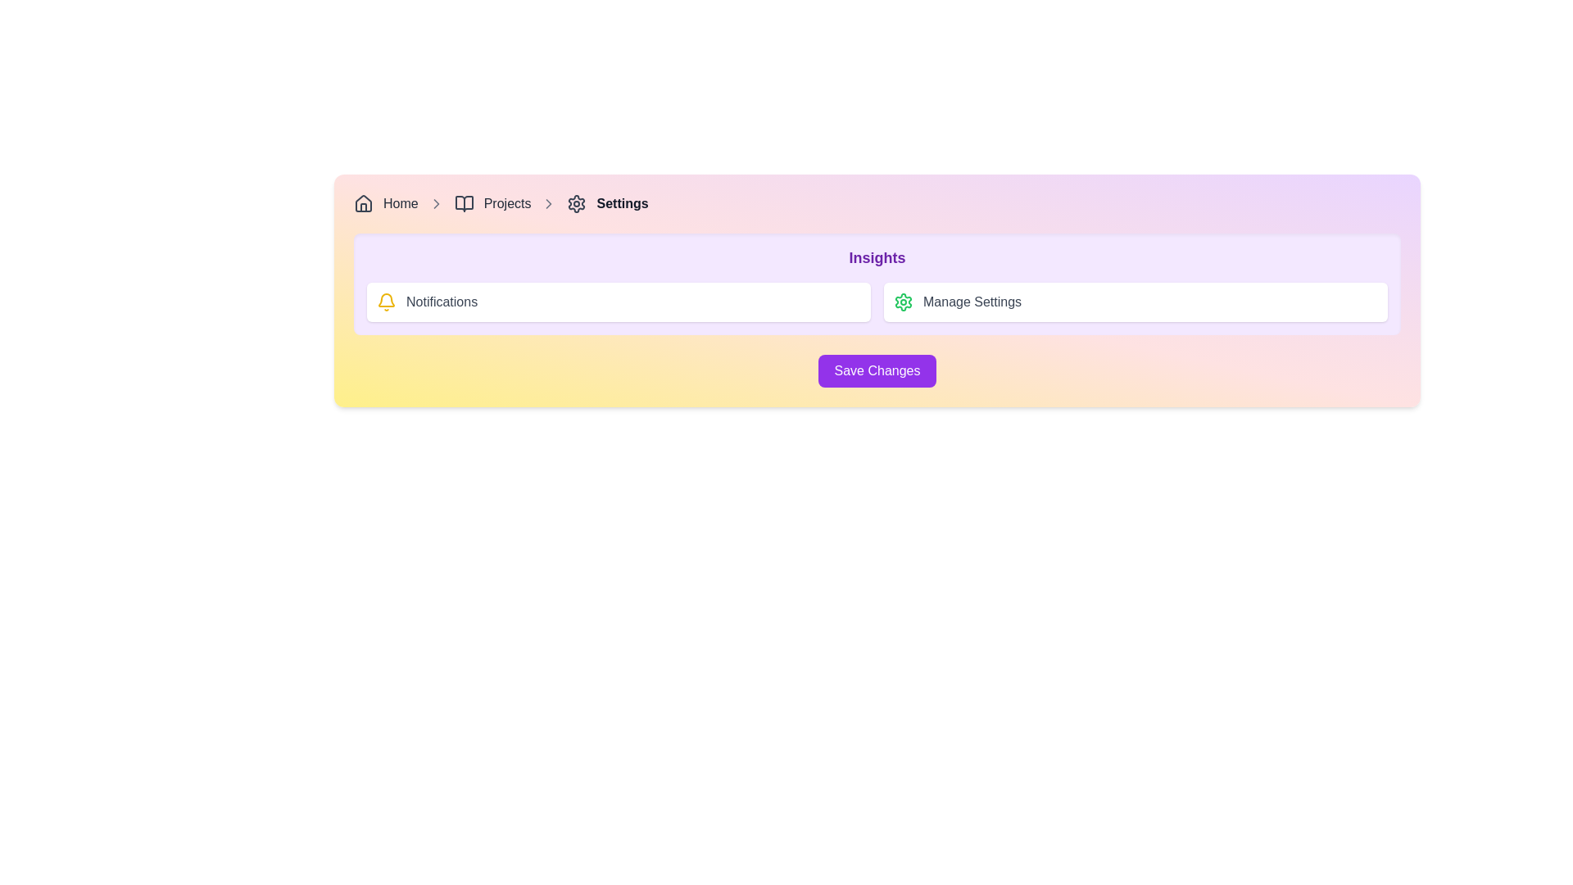 Image resolution: width=1573 pixels, height=885 pixels. What do you see at coordinates (401, 203) in the screenshot?
I see `the 'Home' link element` at bounding box center [401, 203].